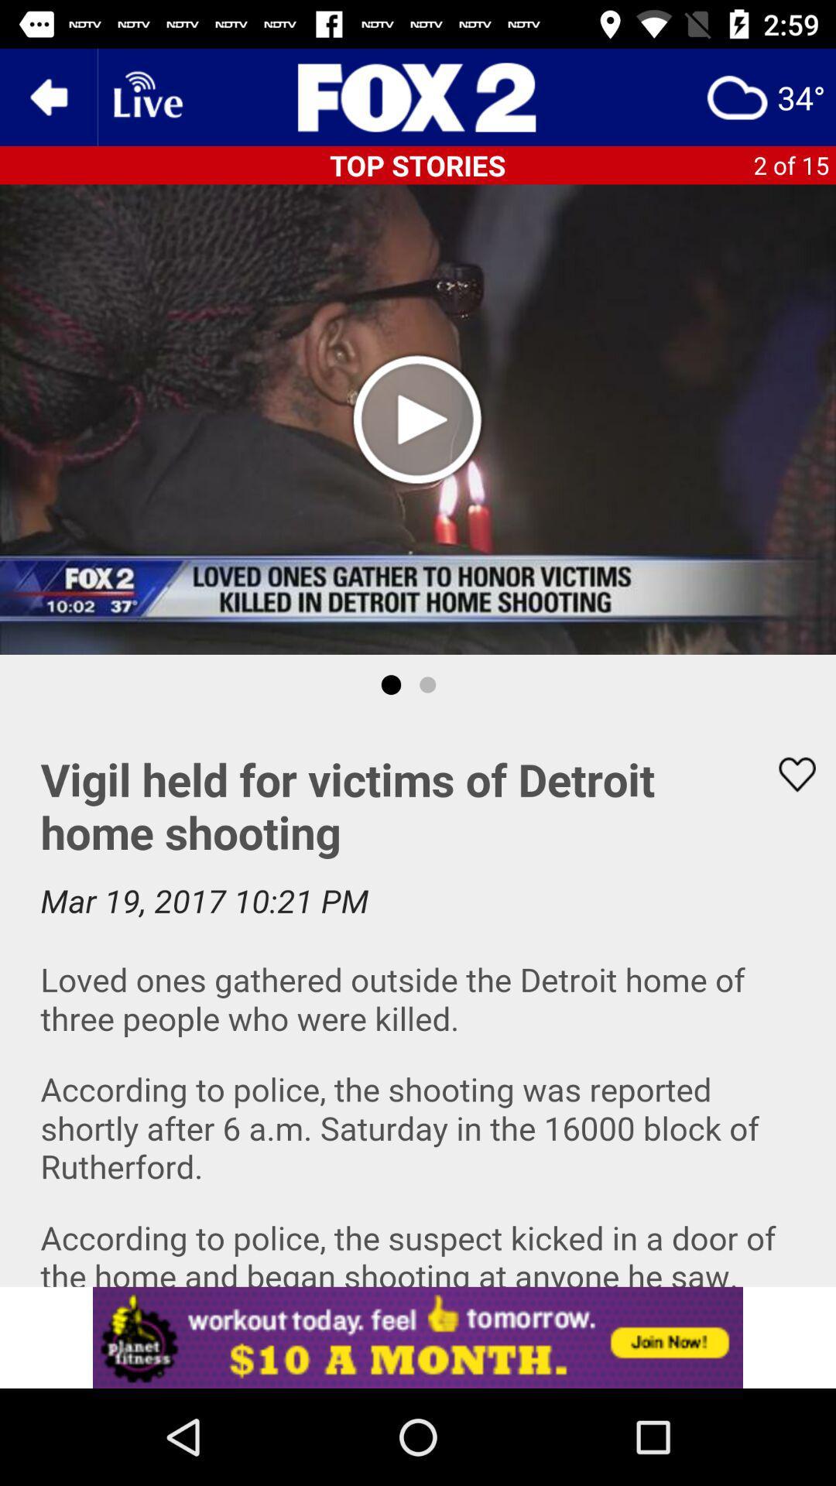 Image resolution: width=836 pixels, height=1486 pixels. I want to click on favor, so click(787, 774).